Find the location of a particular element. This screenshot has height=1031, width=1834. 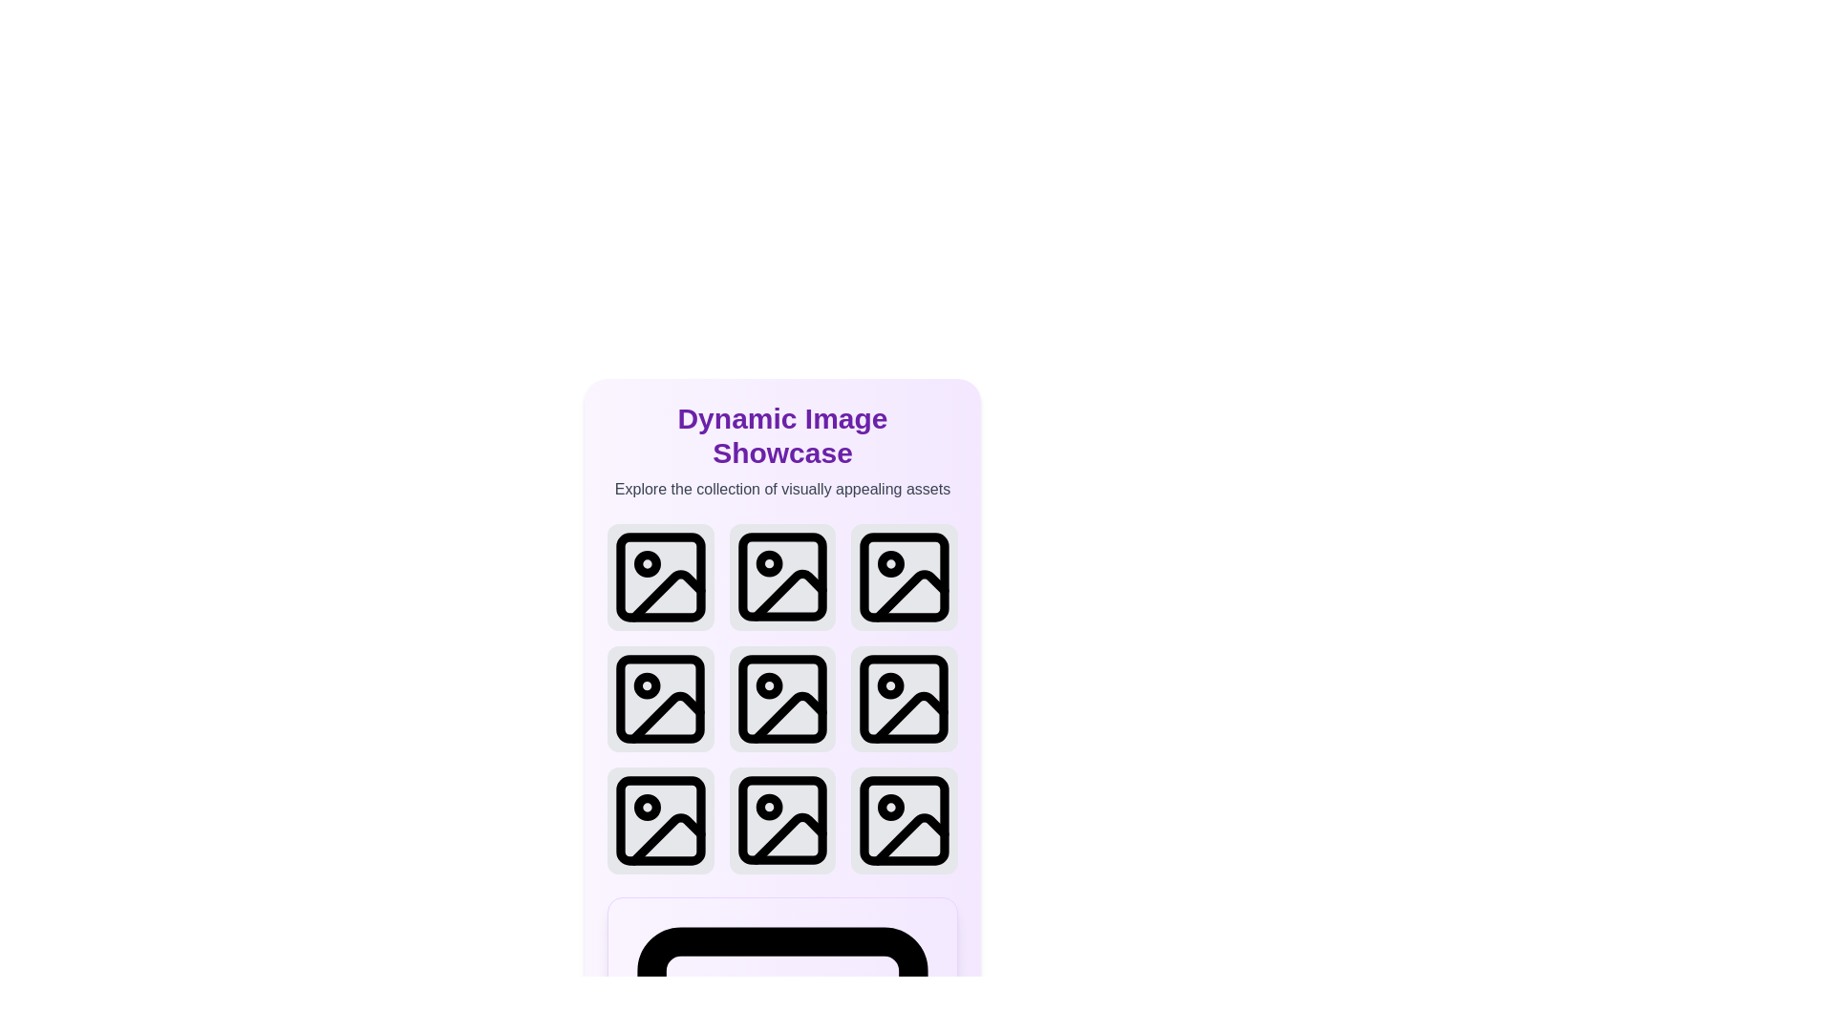

the square-shaped image placeholder with a light gray background and a black outline, featuring a black circle and a line drawing of a mountain with the sun, located in the third column of the second row within a 3x3 grid beneath 'Dynamic Image Showcase' is located at coordinates (904, 699).